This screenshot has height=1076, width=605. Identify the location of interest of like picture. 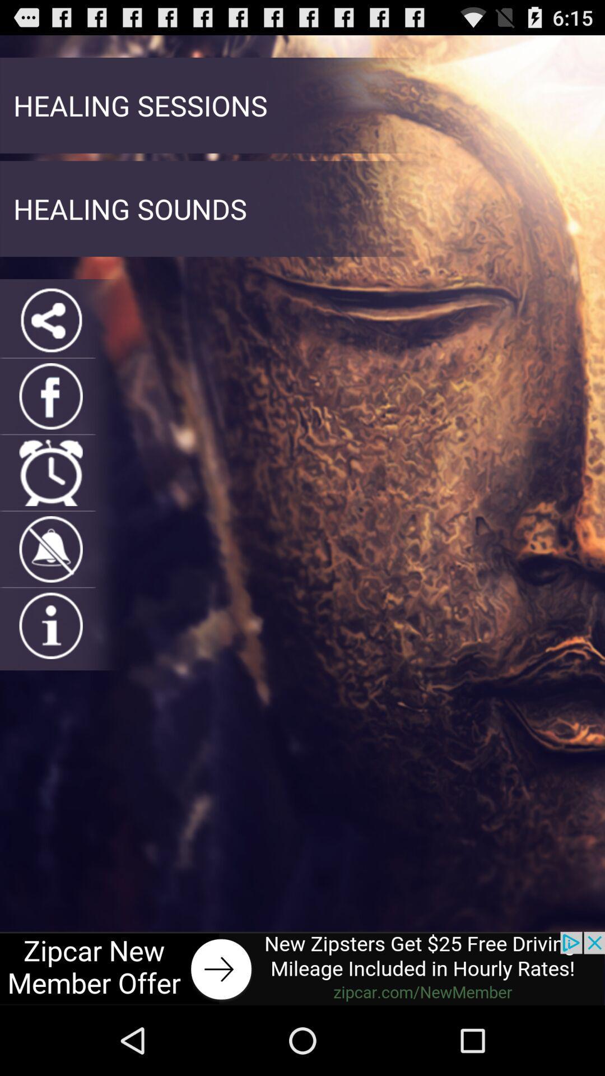
(51, 625).